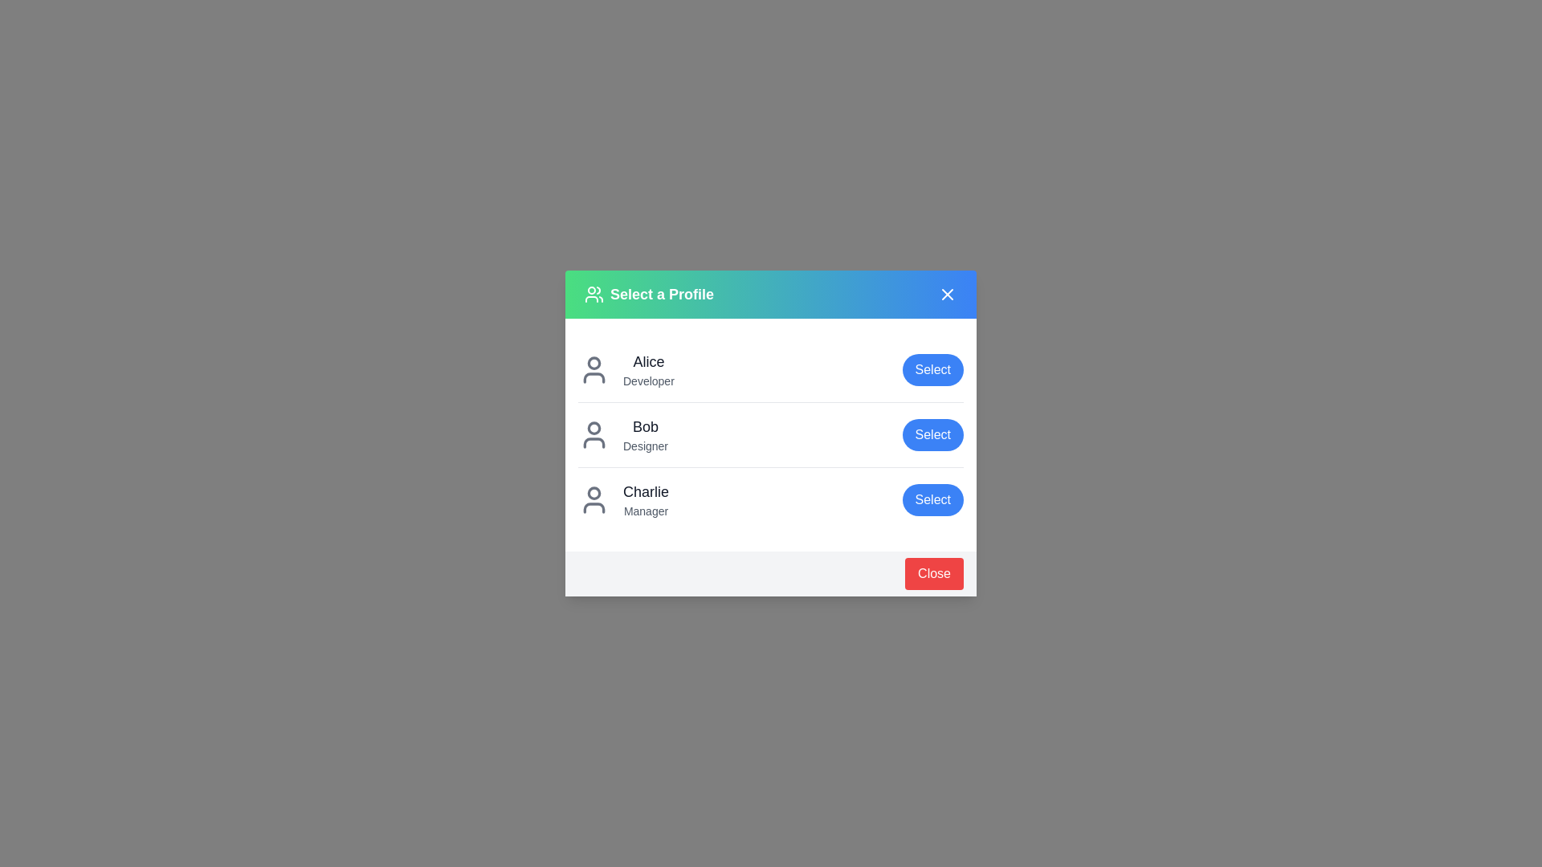 This screenshot has width=1542, height=867. Describe the element at coordinates (932, 370) in the screenshot. I see `the 'Select' button for the user profile Alice` at that location.